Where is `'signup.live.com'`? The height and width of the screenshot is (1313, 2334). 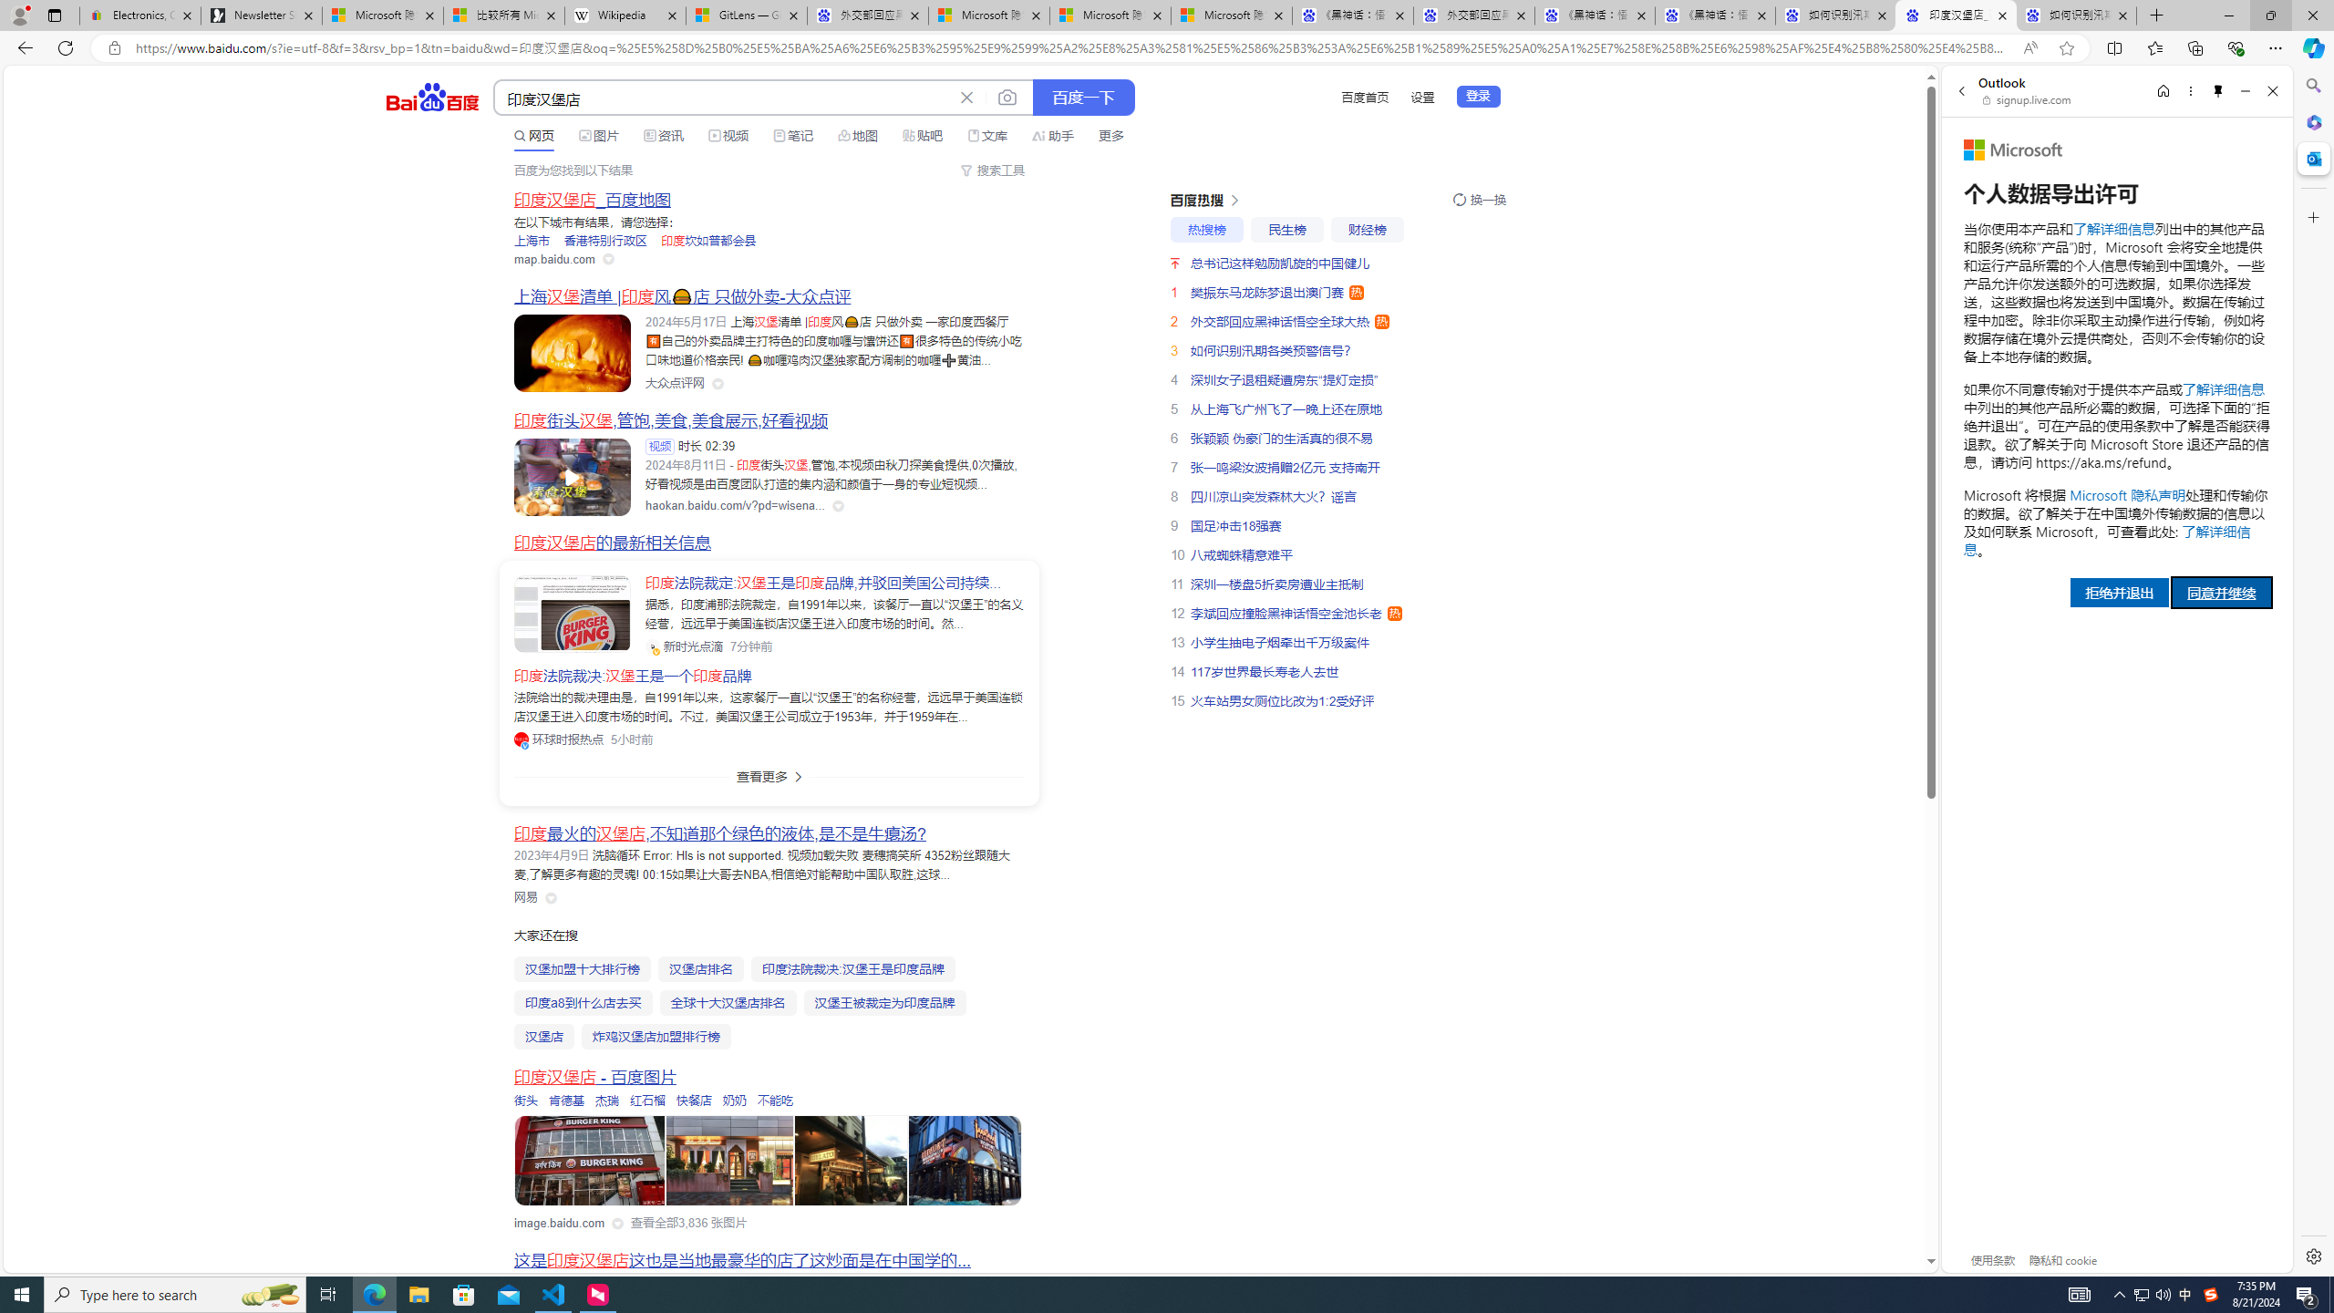 'signup.live.com' is located at coordinates (2027, 98).